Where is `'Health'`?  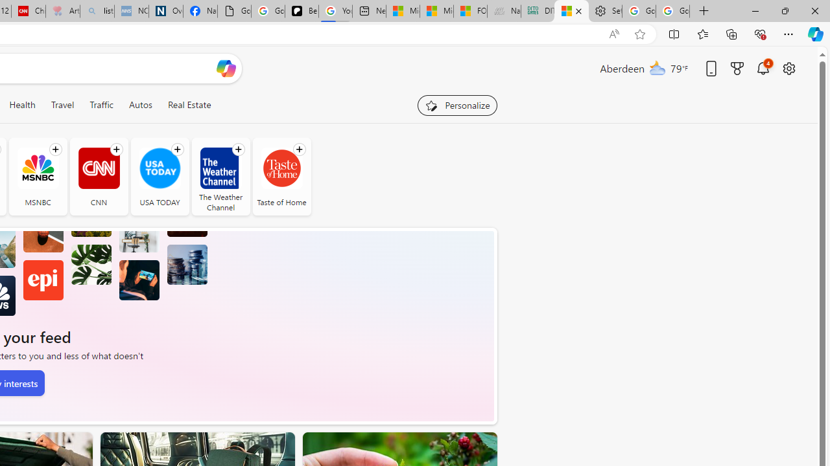 'Health' is located at coordinates (22, 104).